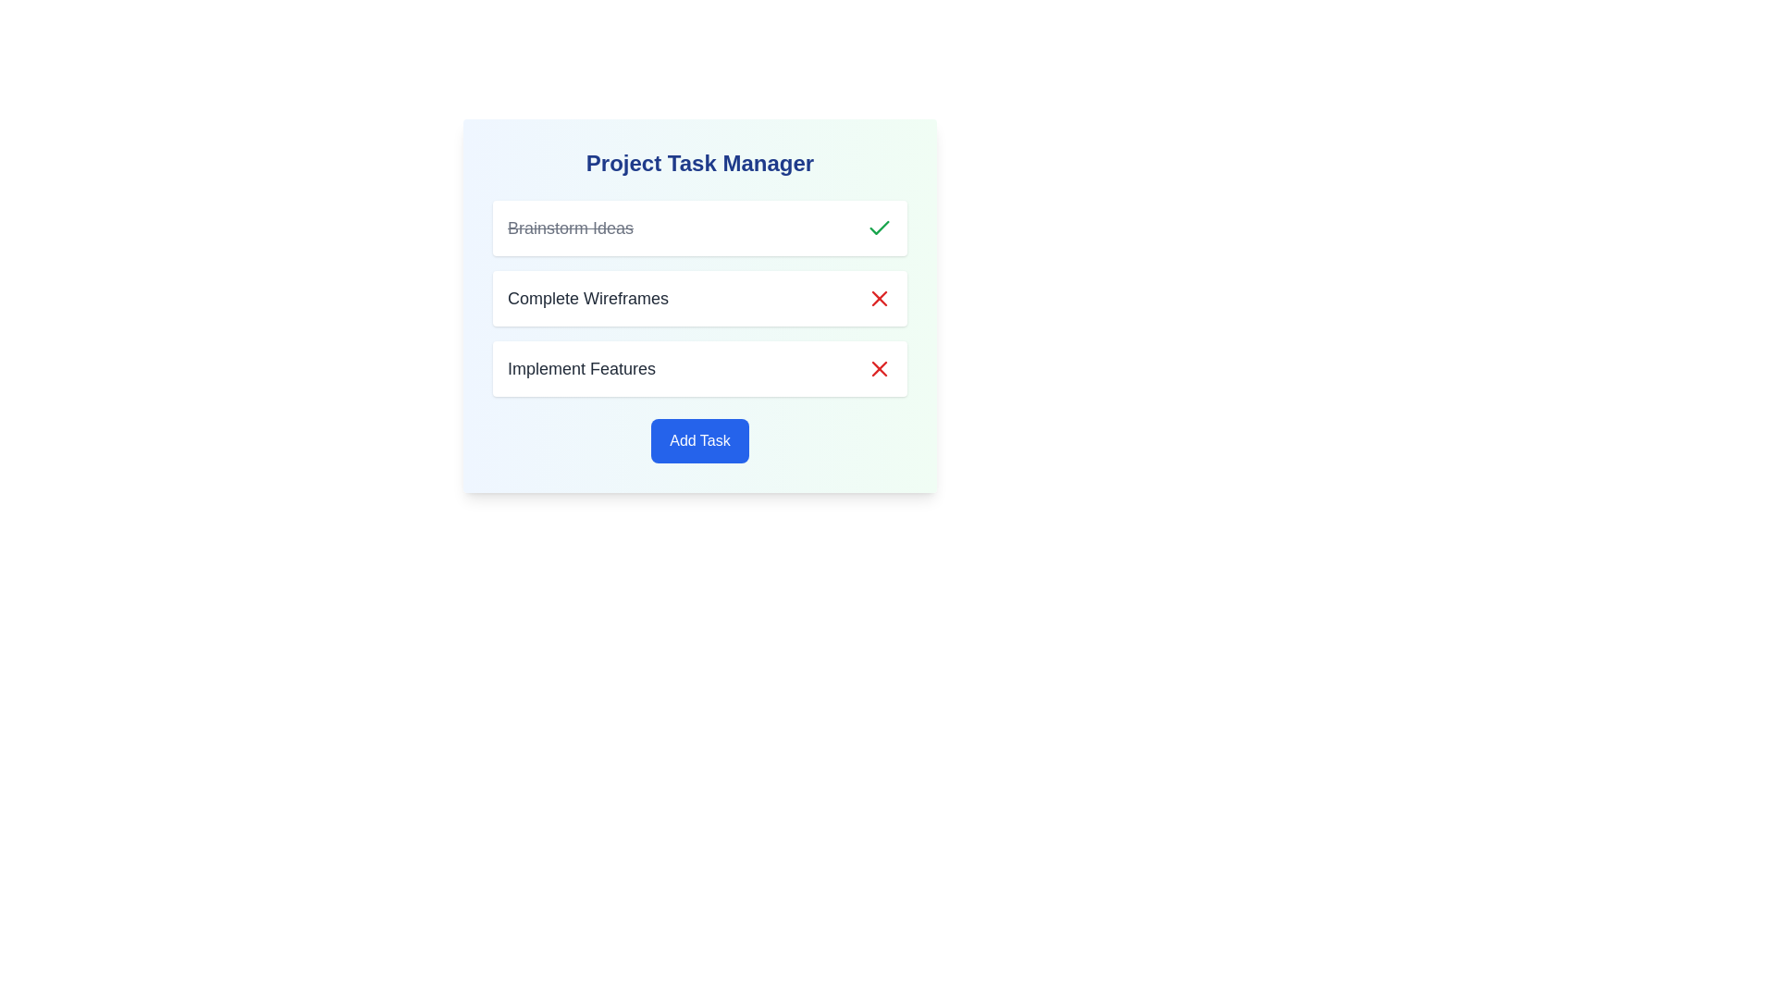 The width and height of the screenshot is (1776, 999). What do you see at coordinates (878, 227) in the screenshot?
I see `the green checkmark icon button in the 'Brainstorm Ideas' task row` at bounding box center [878, 227].